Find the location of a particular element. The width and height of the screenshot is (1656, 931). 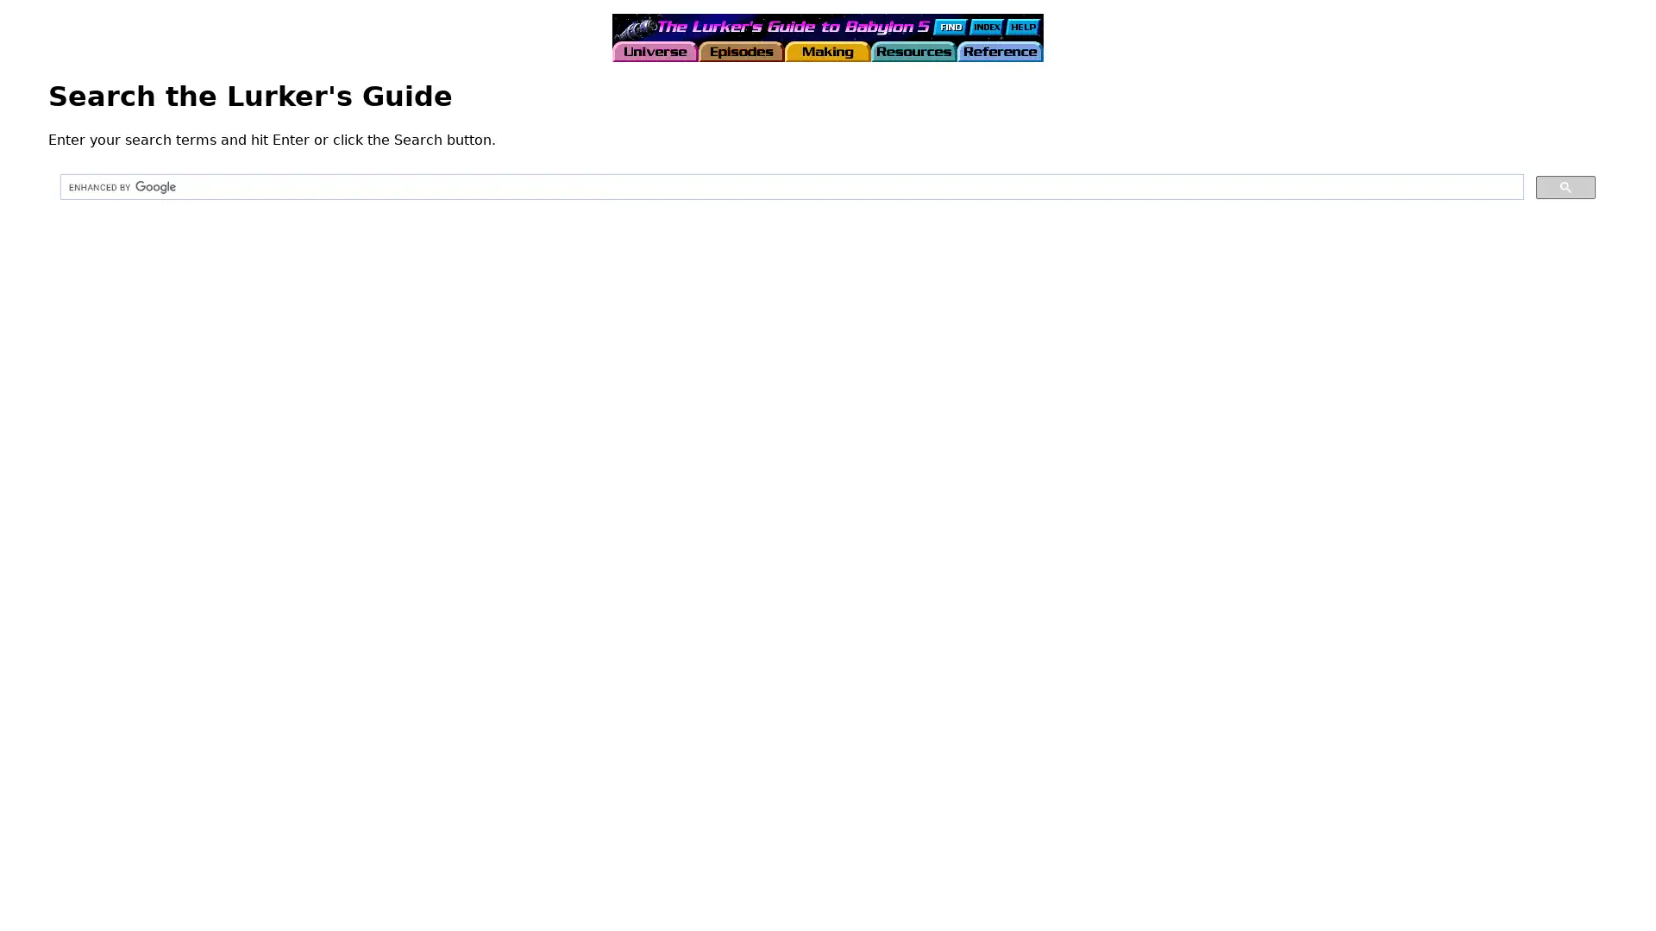

search is located at coordinates (1565, 186).